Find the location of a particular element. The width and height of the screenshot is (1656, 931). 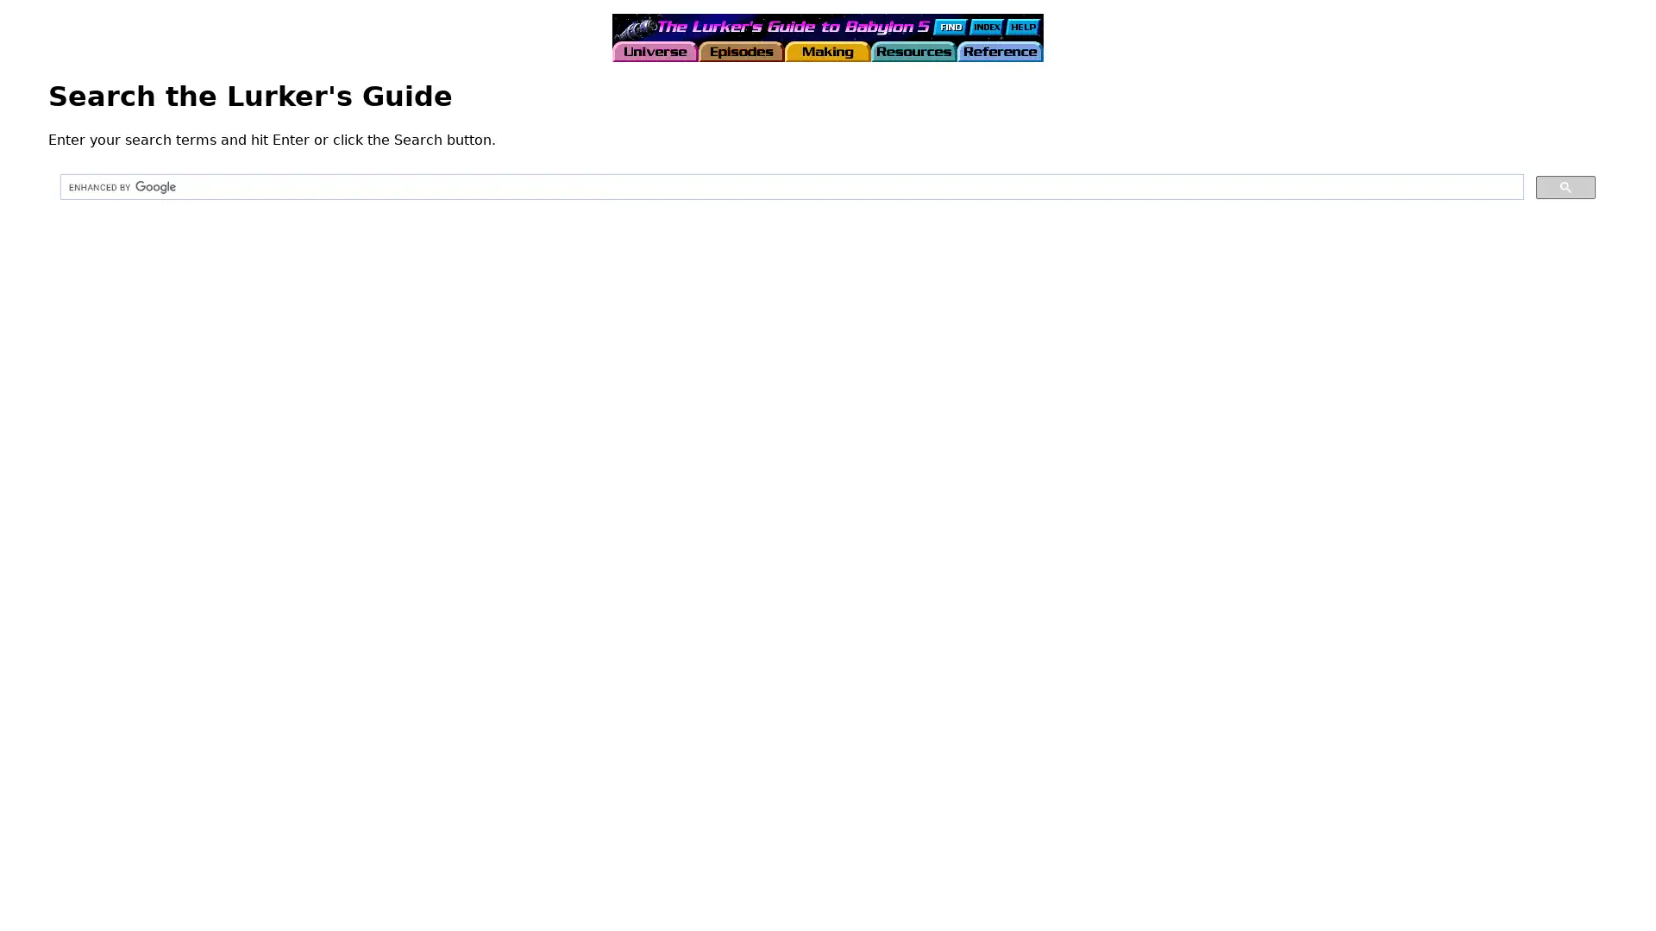

search is located at coordinates (1565, 186).